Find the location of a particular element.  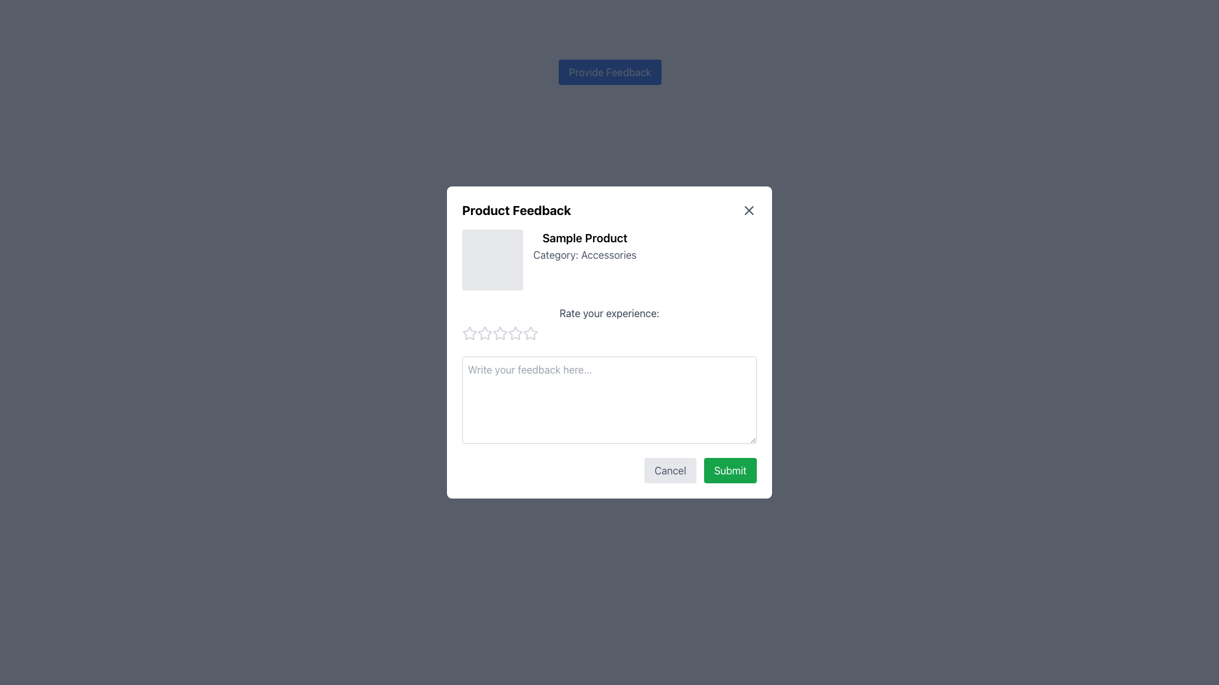

the first Interactive Rating Star Icon in the horizontal sequence is located at coordinates (484, 332).